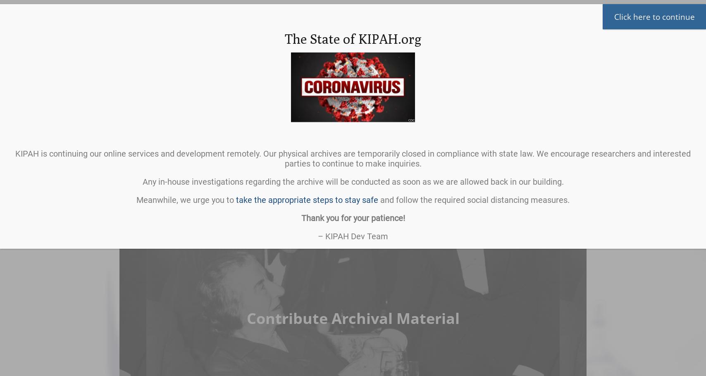 This screenshot has height=376, width=706. Describe the element at coordinates (539, 129) in the screenshot. I see `'Media'` at that location.